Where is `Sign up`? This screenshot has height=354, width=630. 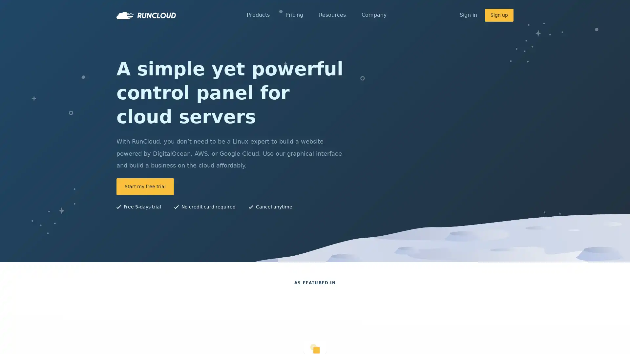
Sign up is located at coordinates (499, 15).